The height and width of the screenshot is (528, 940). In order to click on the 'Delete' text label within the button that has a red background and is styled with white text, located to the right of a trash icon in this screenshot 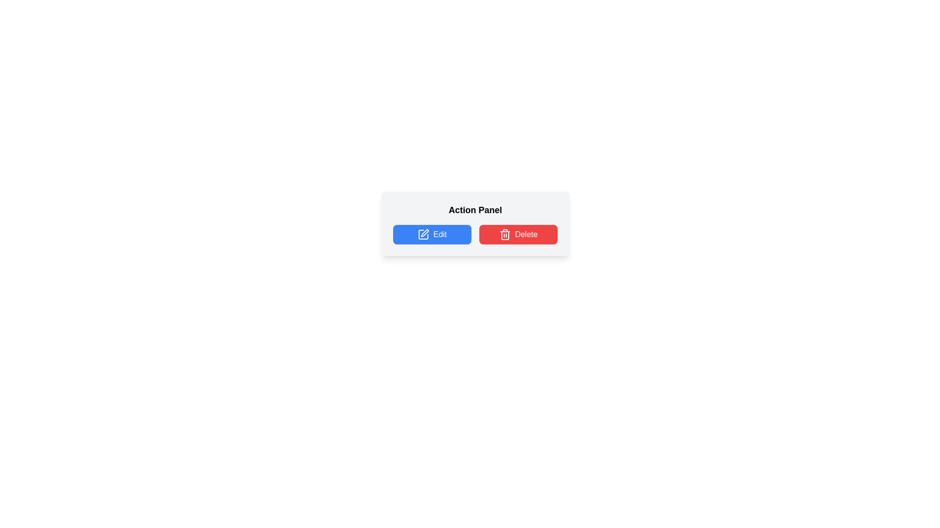, I will do `click(526, 234)`.